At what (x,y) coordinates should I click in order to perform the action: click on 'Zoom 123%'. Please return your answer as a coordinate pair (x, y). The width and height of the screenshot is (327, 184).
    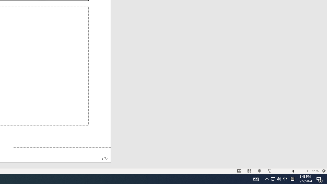
    Looking at the image, I should click on (315, 171).